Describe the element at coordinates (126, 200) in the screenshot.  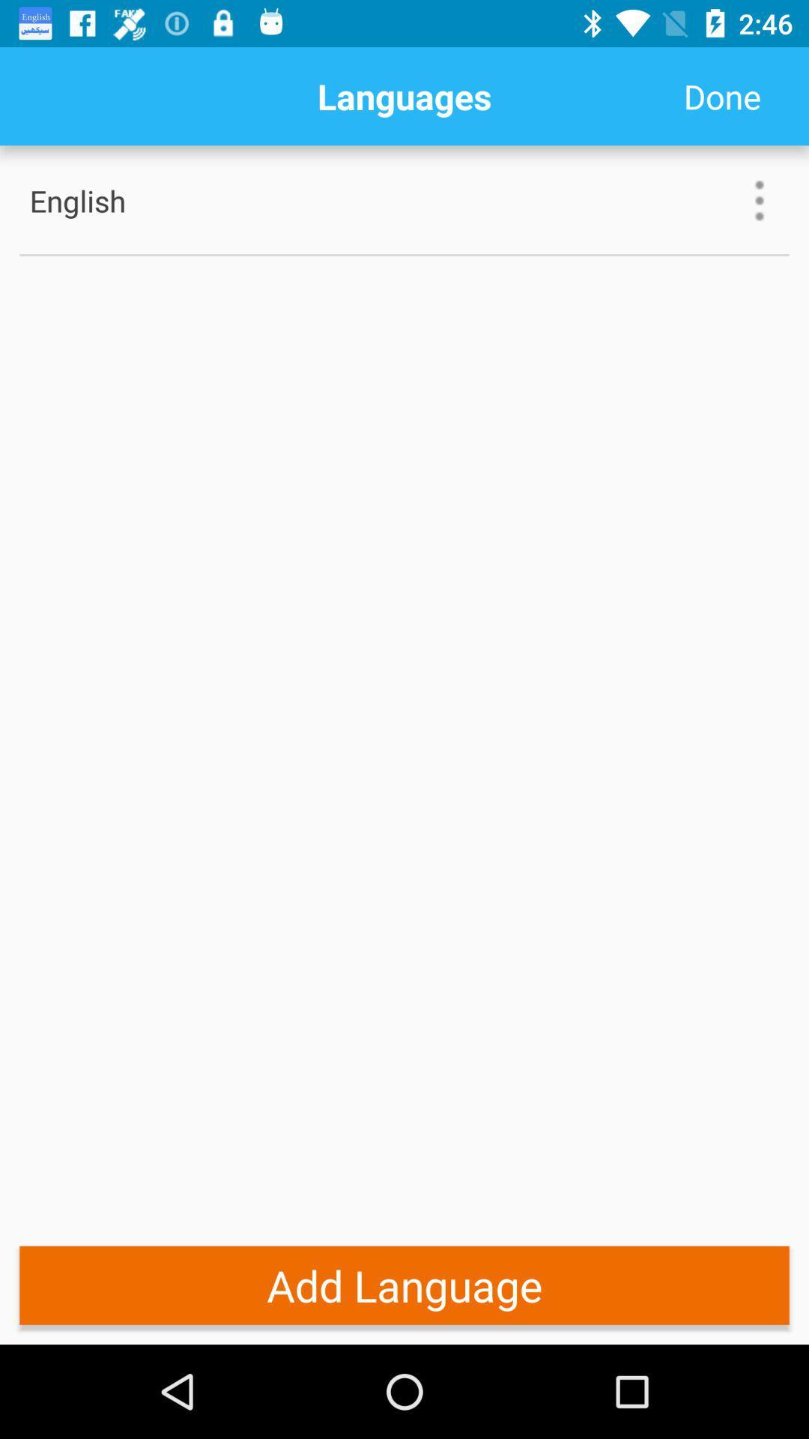
I see `the english item` at that location.